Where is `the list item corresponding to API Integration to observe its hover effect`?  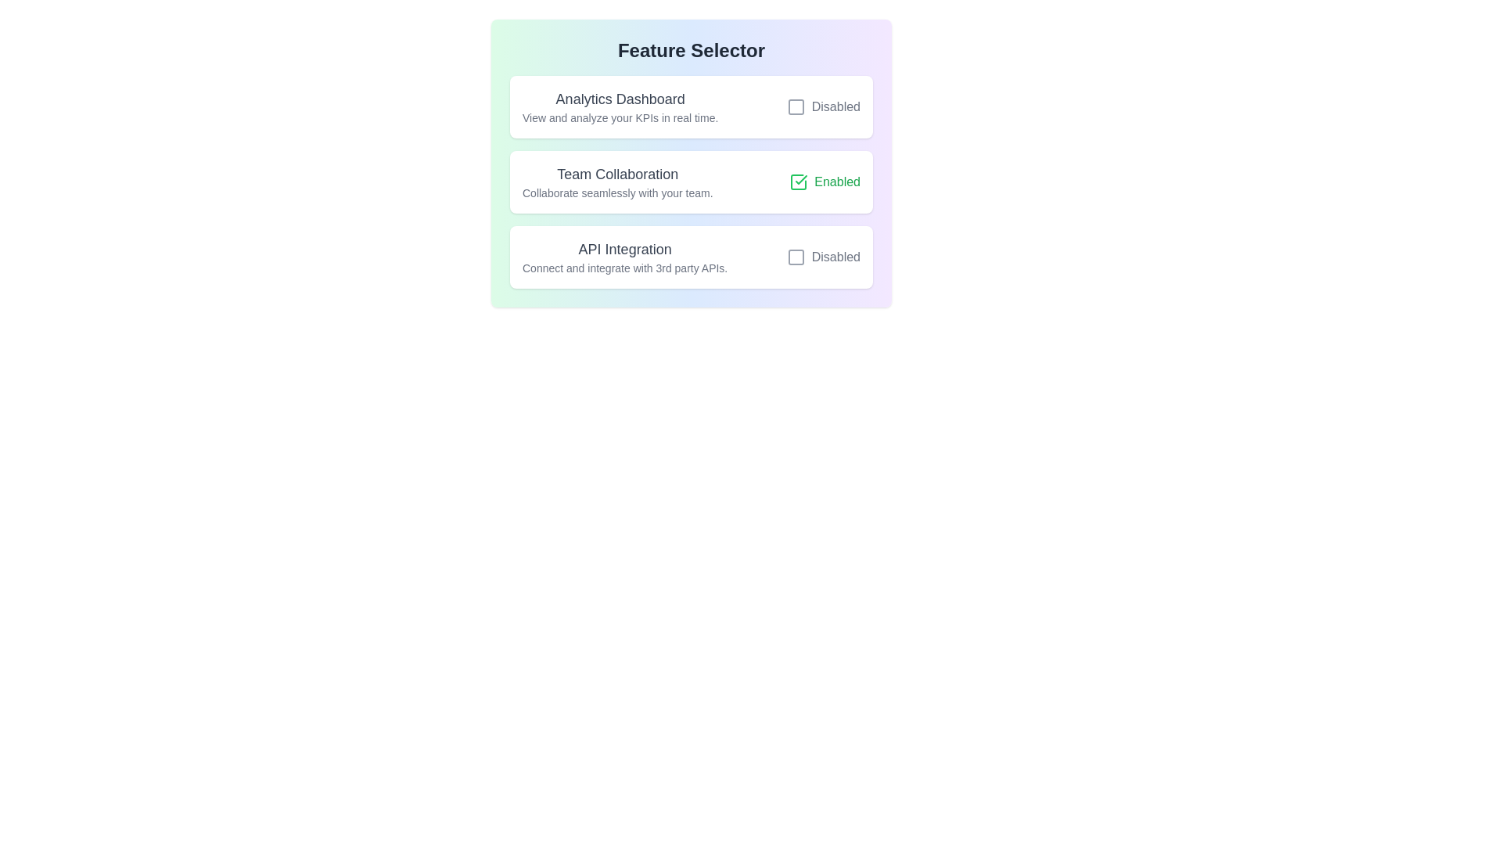 the list item corresponding to API Integration to observe its hover effect is located at coordinates (690, 256).